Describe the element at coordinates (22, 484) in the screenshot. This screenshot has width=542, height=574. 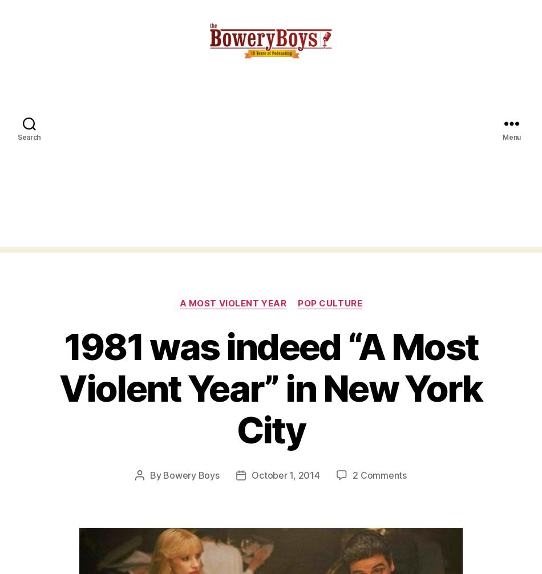
I see `'About Us'` at that location.